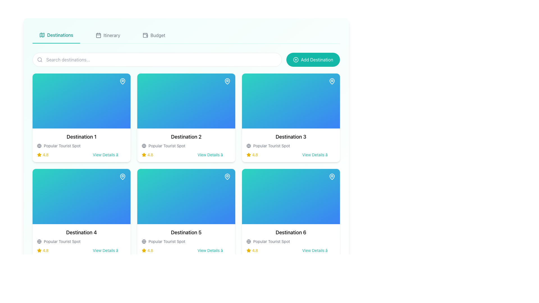  Describe the element at coordinates (122, 176) in the screenshot. I see `the graphic pin icon located at the top-right corner of the fourth destination card in the second row of the grid layout` at that location.